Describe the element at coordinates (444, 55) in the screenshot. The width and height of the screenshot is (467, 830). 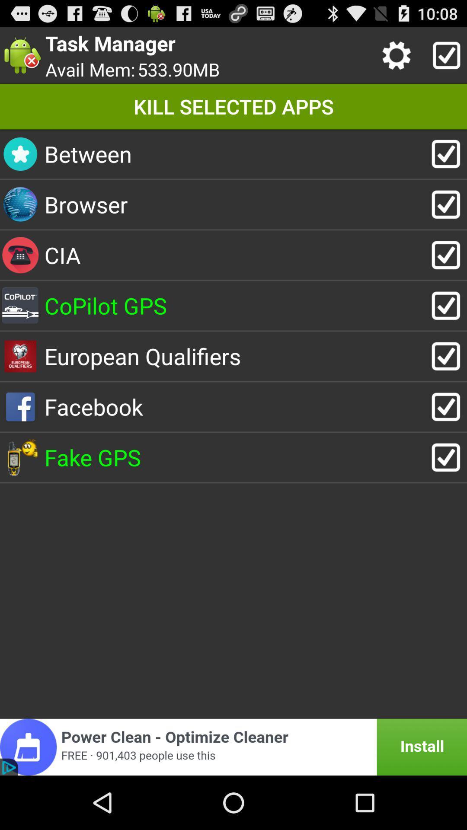
I see `complete page` at that location.